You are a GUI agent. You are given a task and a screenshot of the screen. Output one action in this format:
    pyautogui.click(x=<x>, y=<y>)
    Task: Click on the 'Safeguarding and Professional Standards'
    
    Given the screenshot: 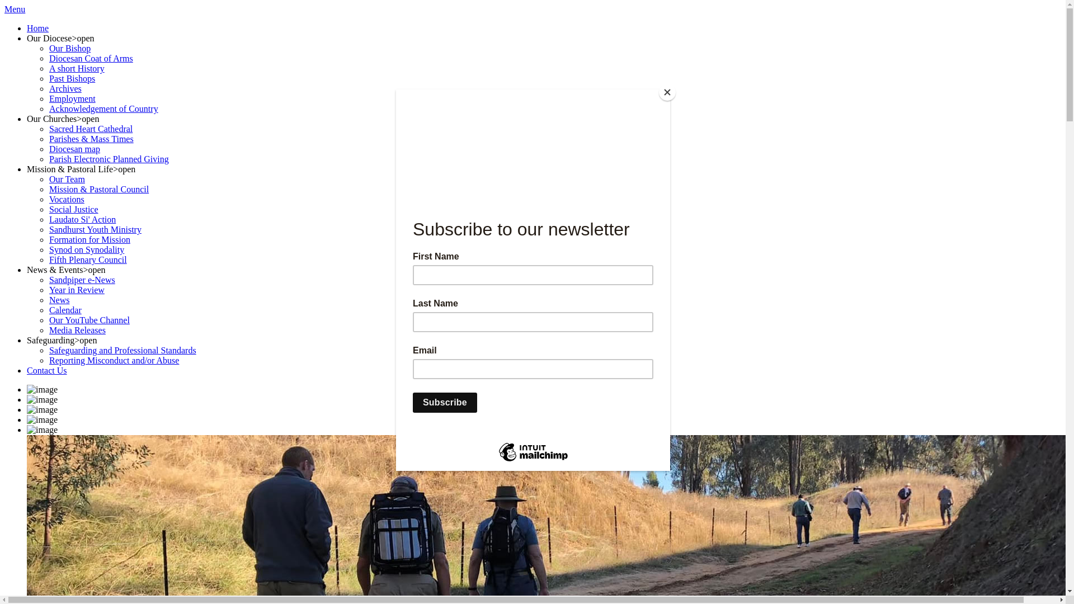 What is the action you would take?
    pyautogui.click(x=123, y=350)
    